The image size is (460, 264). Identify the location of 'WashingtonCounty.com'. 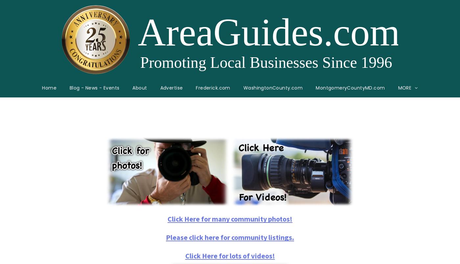
(273, 88).